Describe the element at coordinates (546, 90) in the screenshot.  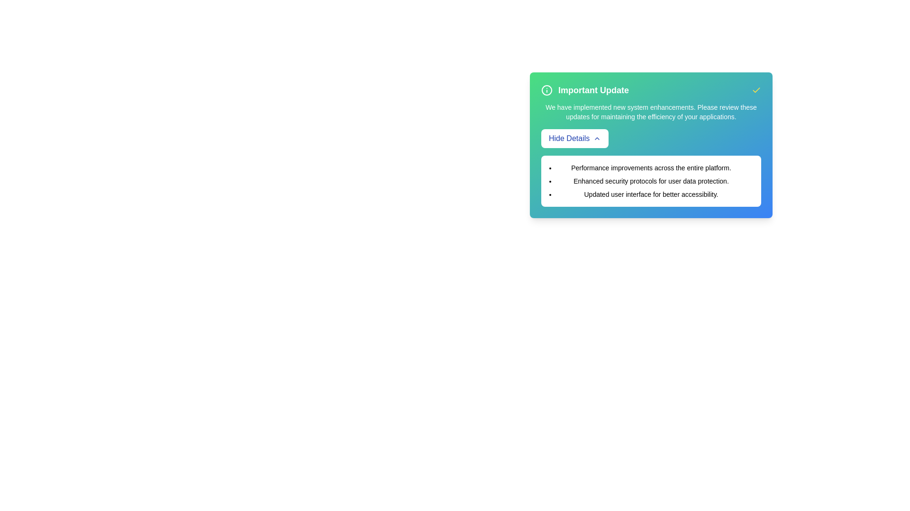
I see `the 'Important Update' icon to simulate interaction` at that location.